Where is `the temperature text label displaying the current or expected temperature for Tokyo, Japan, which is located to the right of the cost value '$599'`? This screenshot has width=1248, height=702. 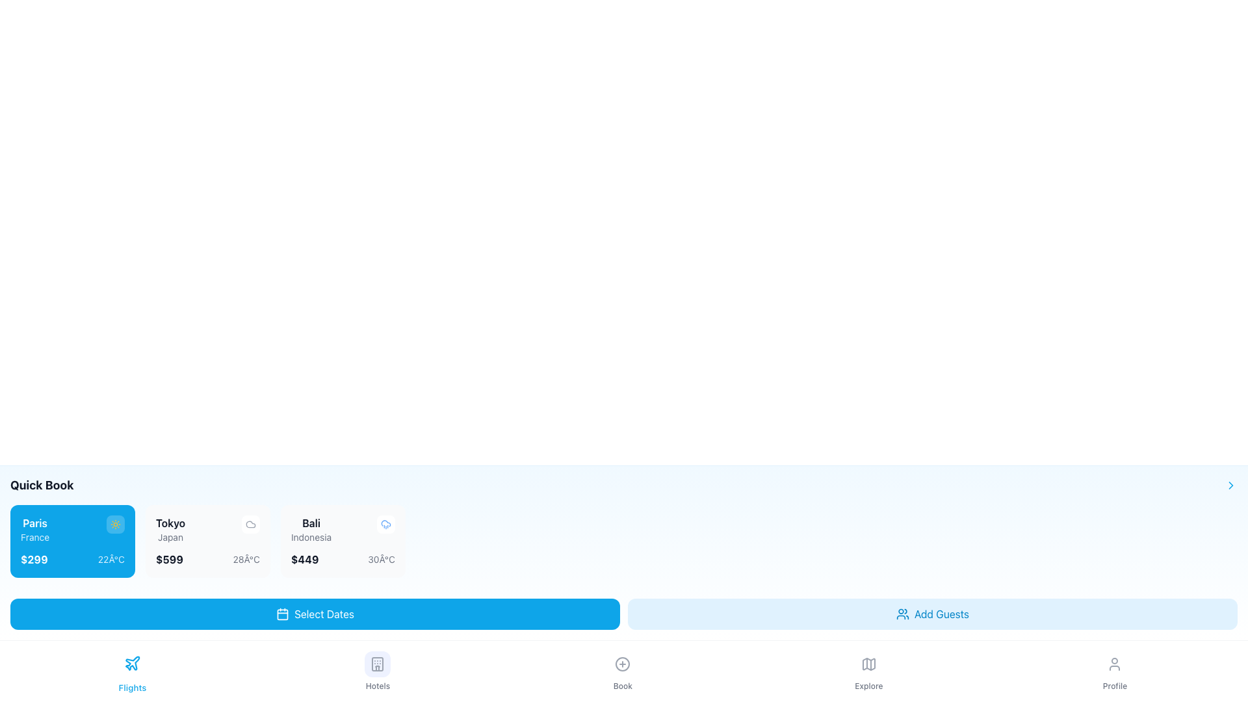
the temperature text label displaying the current or expected temperature for Tokyo, Japan, which is located to the right of the cost value '$599' is located at coordinates (246, 558).